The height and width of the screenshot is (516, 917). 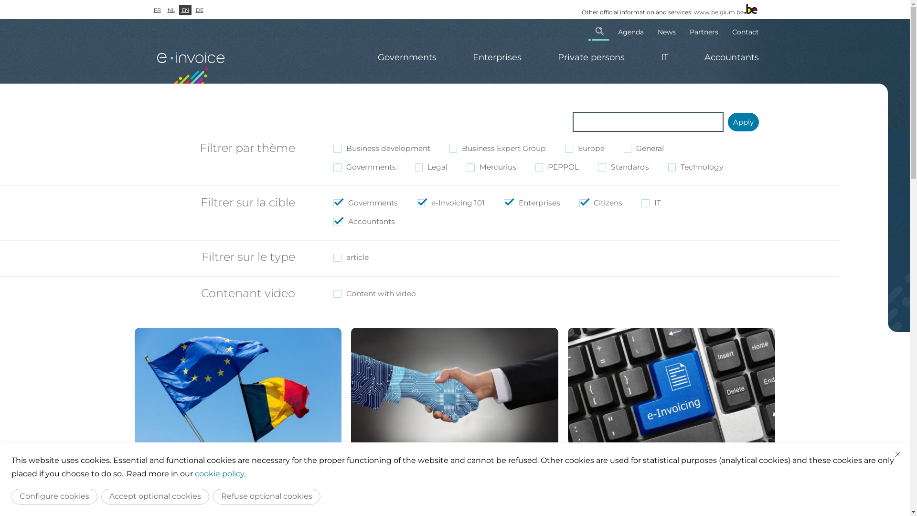 I want to click on 'Apply', so click(x=727, y=121).